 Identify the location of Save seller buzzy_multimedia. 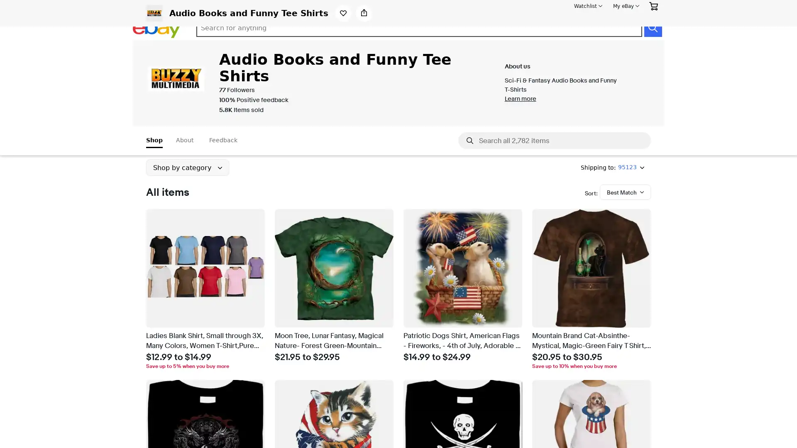
(343, 13).